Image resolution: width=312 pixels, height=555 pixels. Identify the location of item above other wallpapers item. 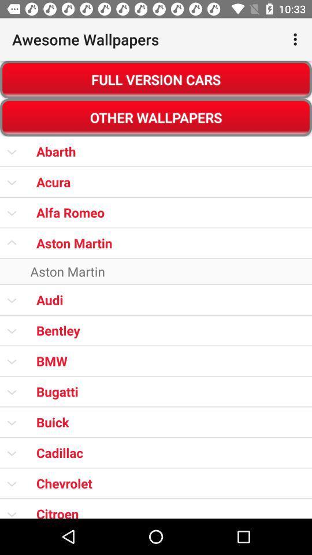
(156, 79).